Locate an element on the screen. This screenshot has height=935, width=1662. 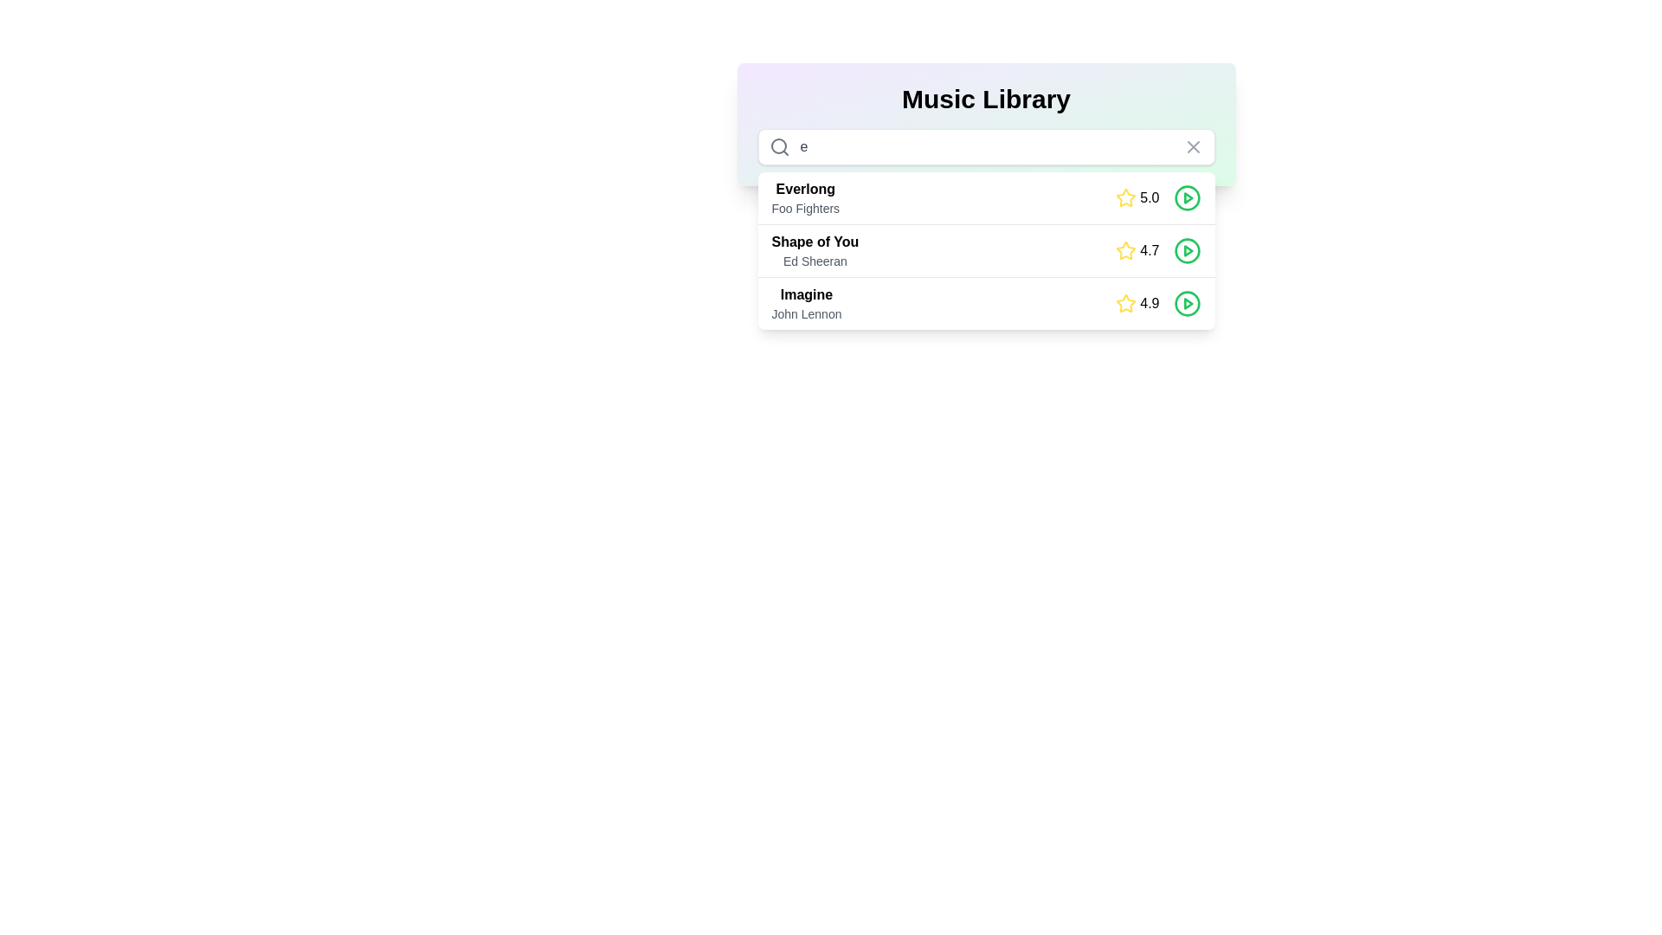
the static star icon representing the rating for the song 'Everlong', located in the first row of the list to the left of the numerical rating '5.0' is located at coordinates (1126, 197).